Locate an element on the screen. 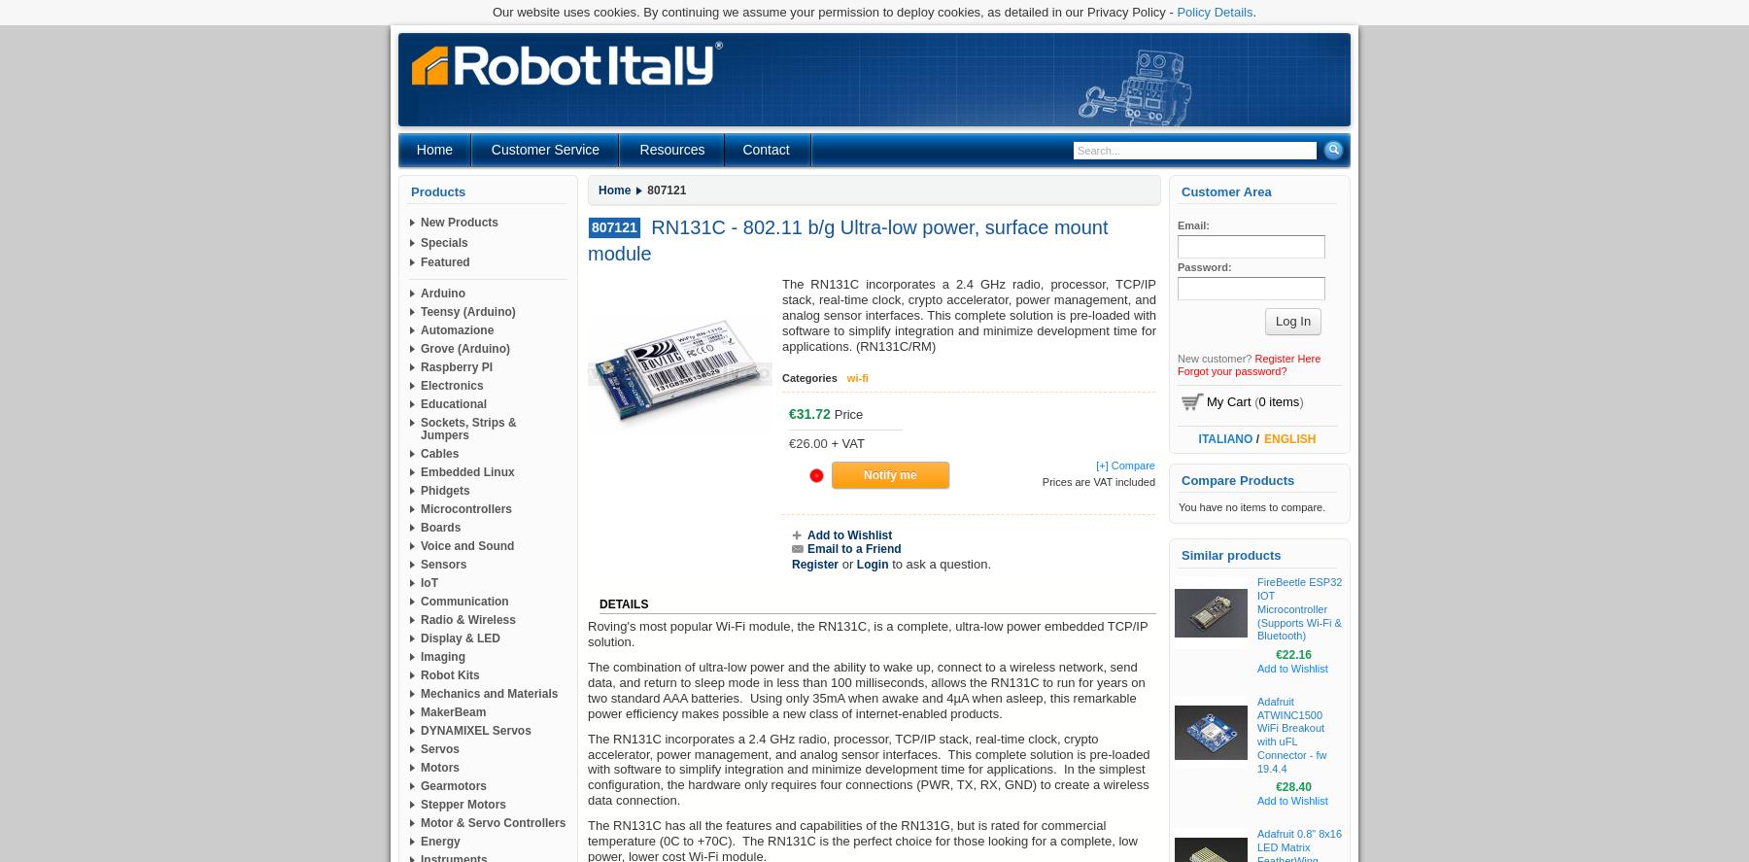 The width and height of the screenshot is (1749, 862). 'Energy' is located at coordinates (439, 840).